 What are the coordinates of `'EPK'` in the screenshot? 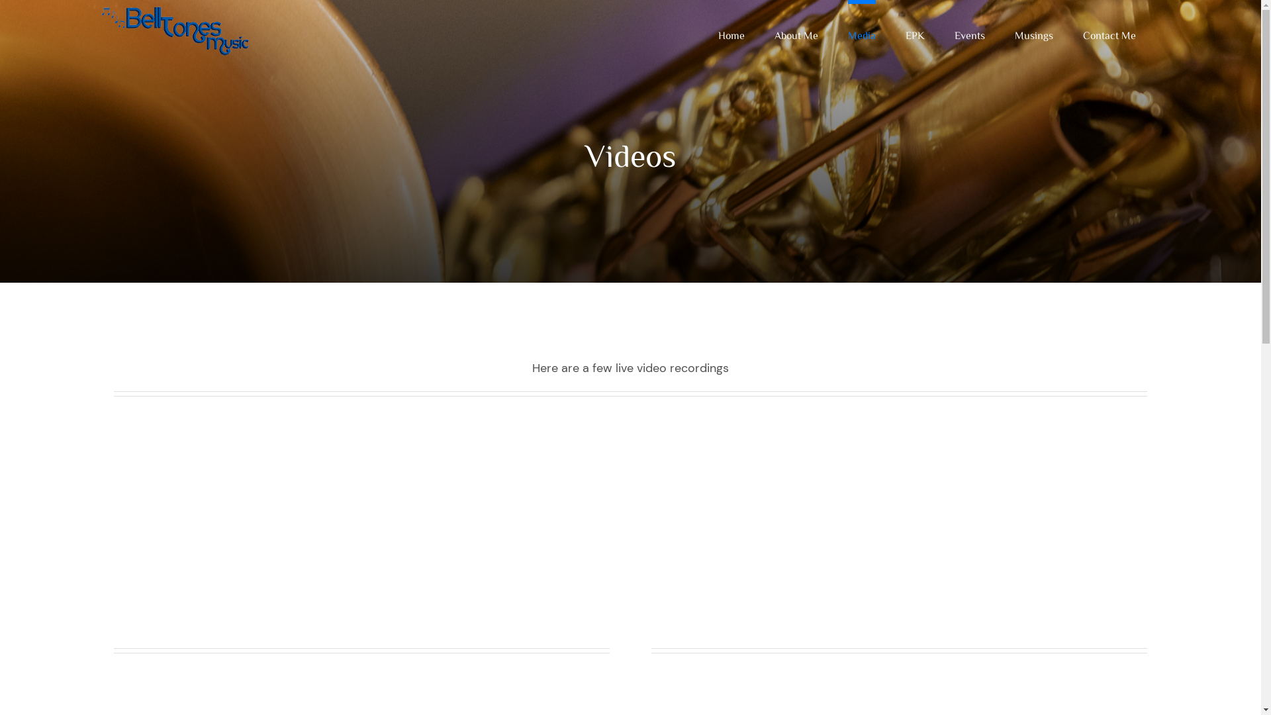 It's located at (914, 32).